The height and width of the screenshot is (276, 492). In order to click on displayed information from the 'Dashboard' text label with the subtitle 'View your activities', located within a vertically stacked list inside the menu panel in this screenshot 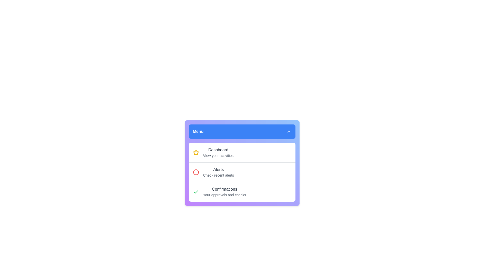, I will do `click(218, 152)`.